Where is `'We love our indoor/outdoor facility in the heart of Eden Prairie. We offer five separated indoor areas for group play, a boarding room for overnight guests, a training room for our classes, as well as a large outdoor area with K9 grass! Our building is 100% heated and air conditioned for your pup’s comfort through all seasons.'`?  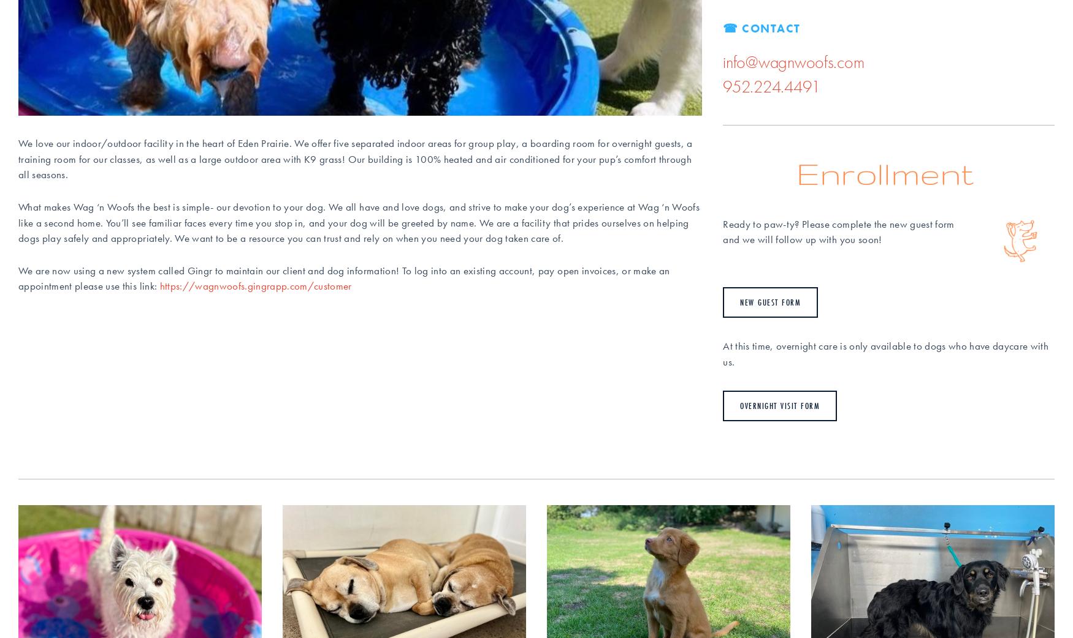
'We love our indoor/outdoor facility in the heart of Eden Prairie. We offer five separated indoor areas for group play, a boarding room for overnight guests, a training room for our classes, as well as a large outdoor area with K9 grass! Our building is 100% heated and air conditioned for your pup’s comfort through all seasons.' is located at coordinates (357, 158).